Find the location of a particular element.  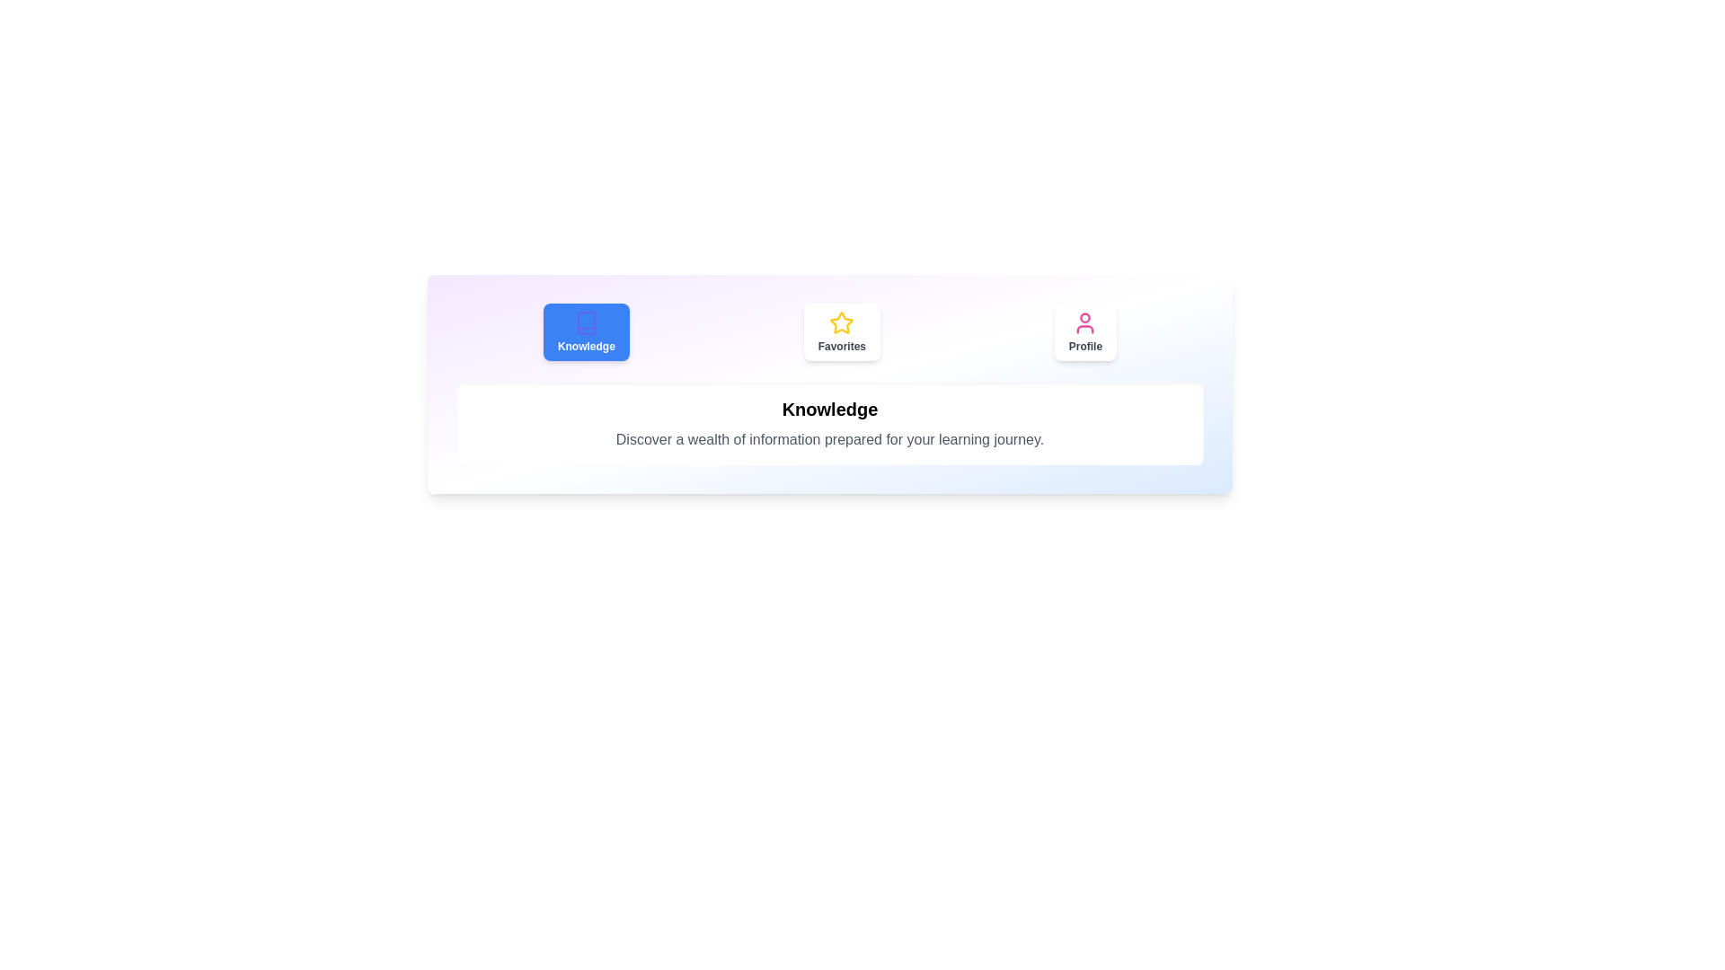

the tab corresponding to Profile to activate it is located at coordinates (1084, 332).